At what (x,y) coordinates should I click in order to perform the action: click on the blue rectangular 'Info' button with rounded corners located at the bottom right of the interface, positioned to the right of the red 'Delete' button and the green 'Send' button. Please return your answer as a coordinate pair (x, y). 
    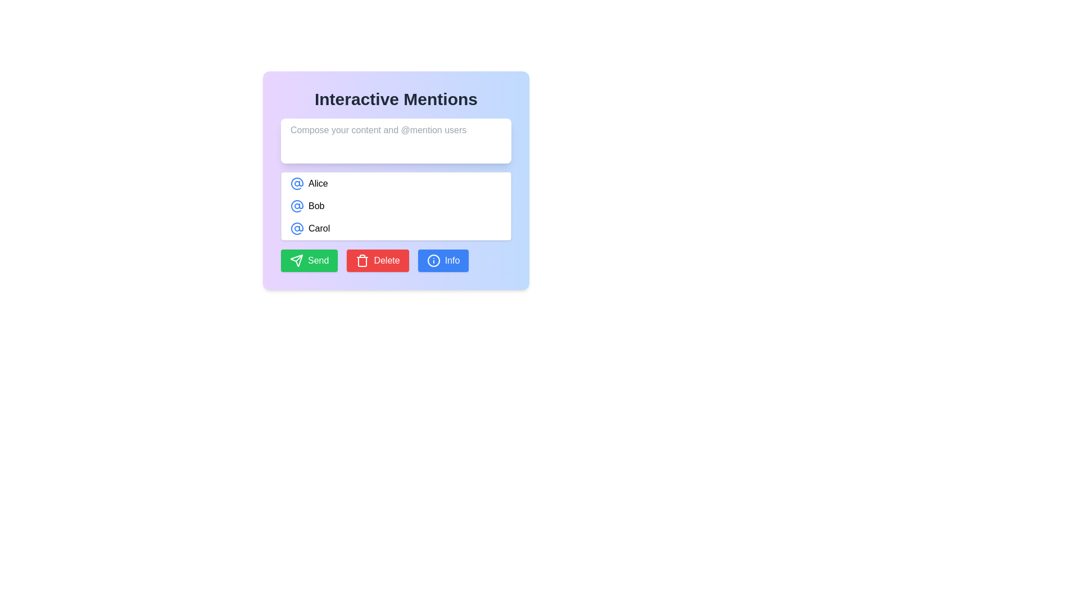
    Looking at the image, I should click on (442, 260).